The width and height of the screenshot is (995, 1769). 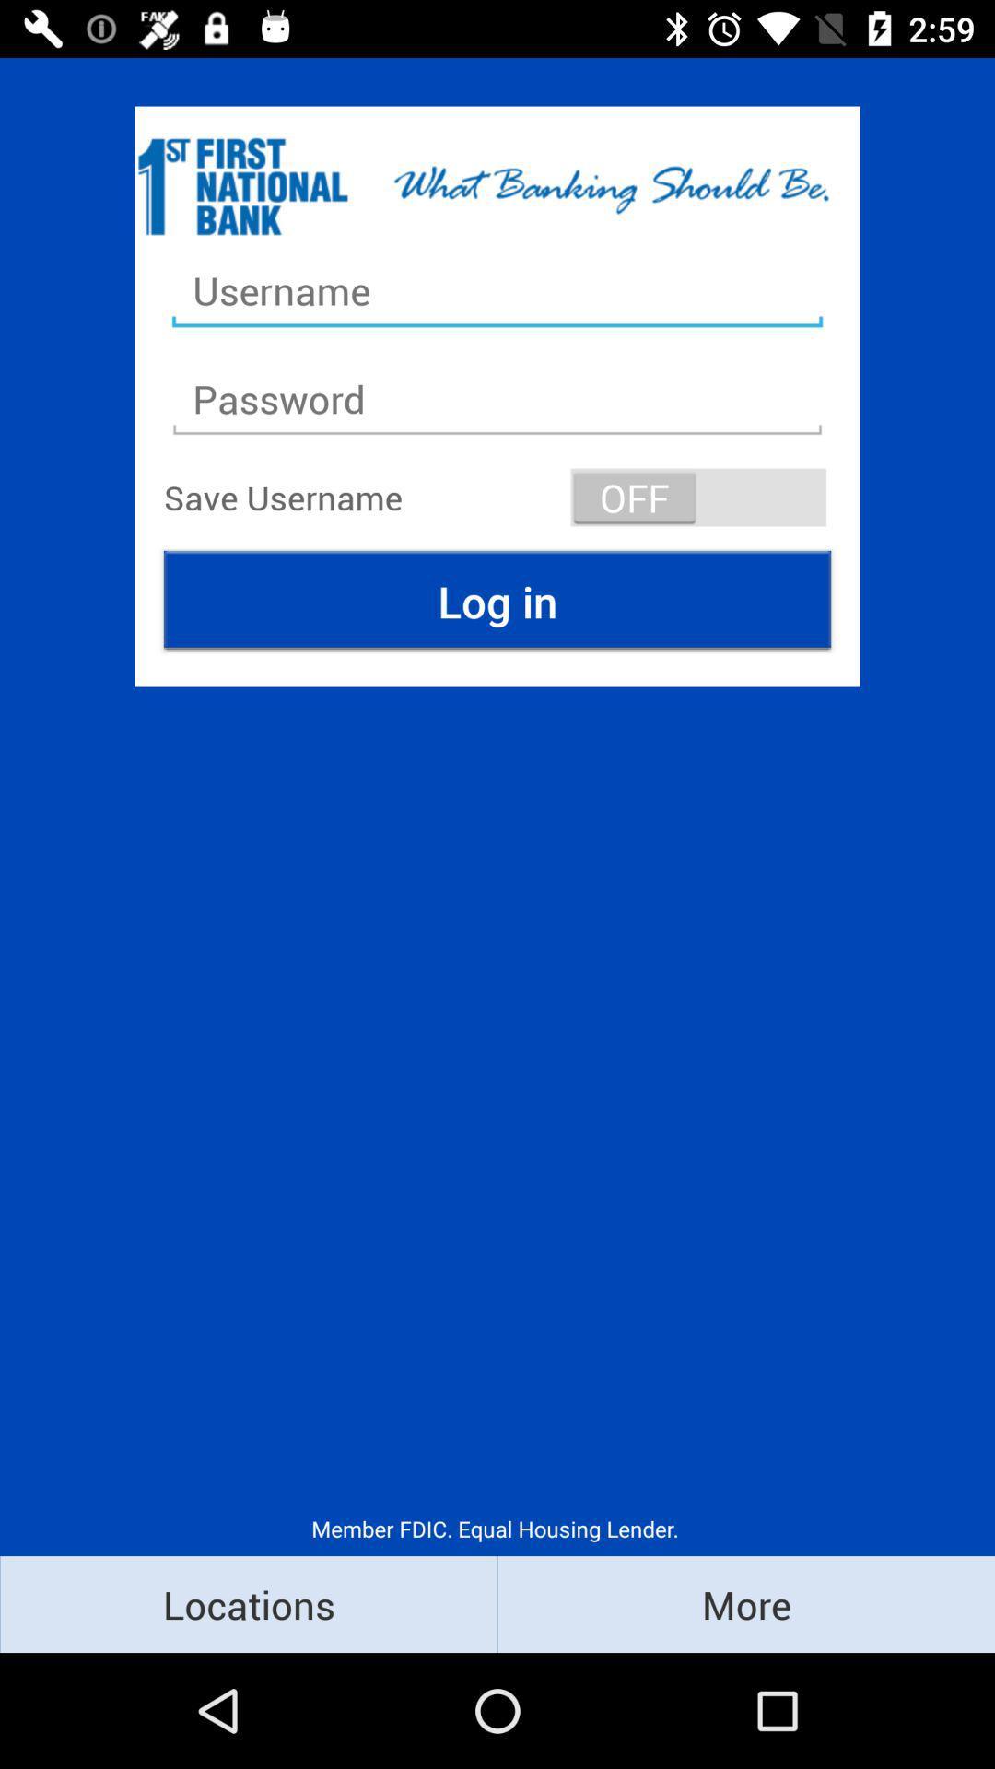 I want to click on the item above the member fdic equal, so click(x=497, y=601).